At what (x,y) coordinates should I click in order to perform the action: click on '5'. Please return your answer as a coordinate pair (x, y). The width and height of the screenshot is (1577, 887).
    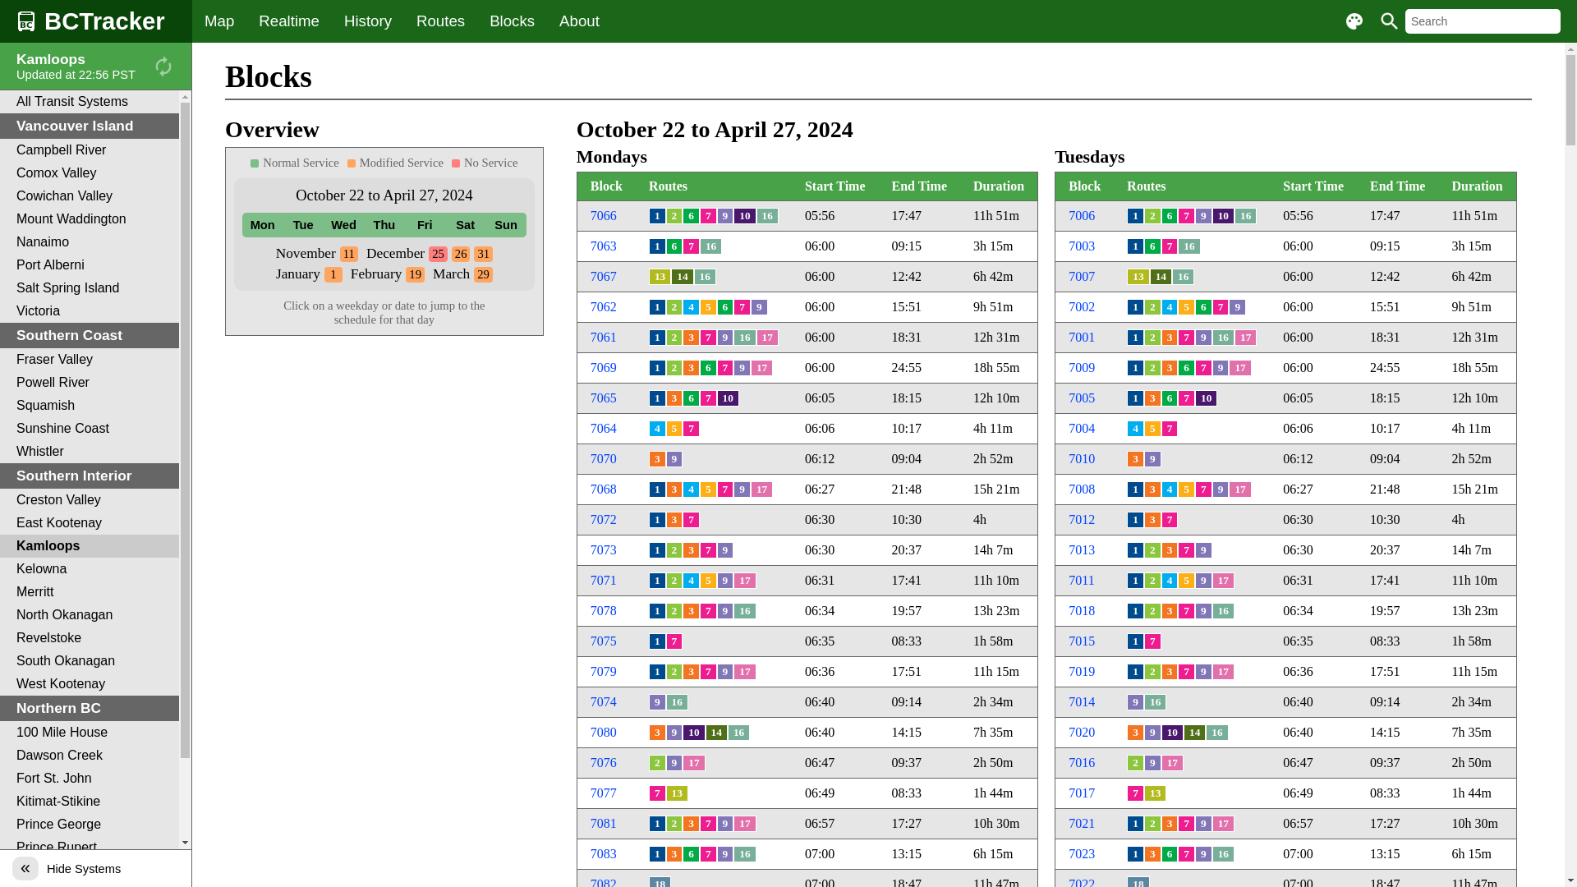
    Looking at the image, I should click on (708, 489).